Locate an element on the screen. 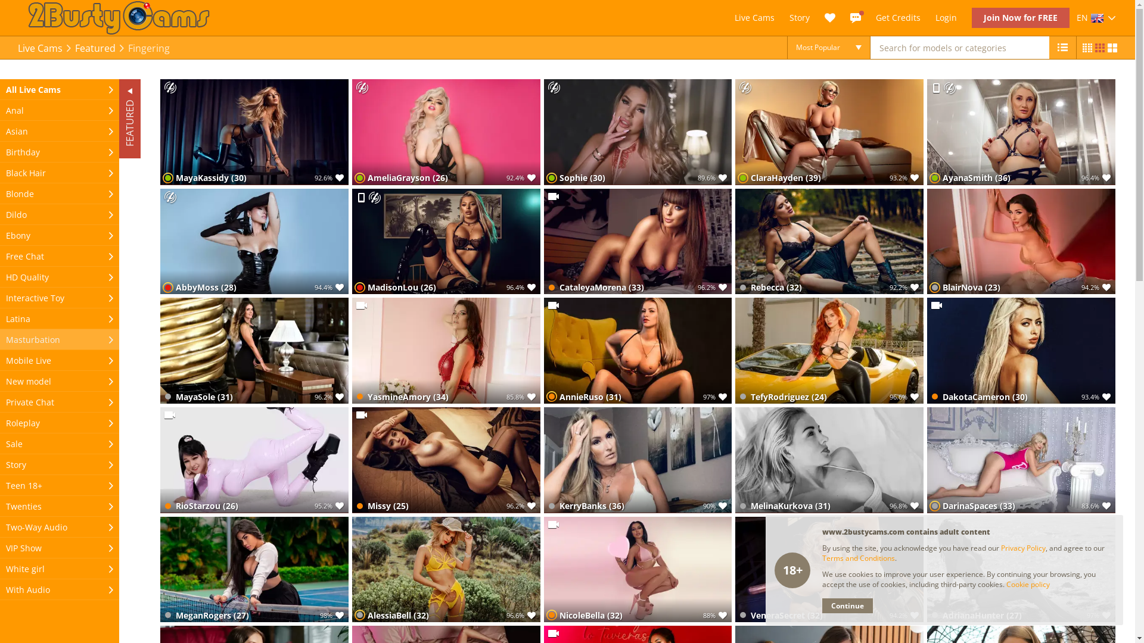 The height and width of the screenshot is (643, 1144). 'Mobile Live' is located at coordinates (59, 360).